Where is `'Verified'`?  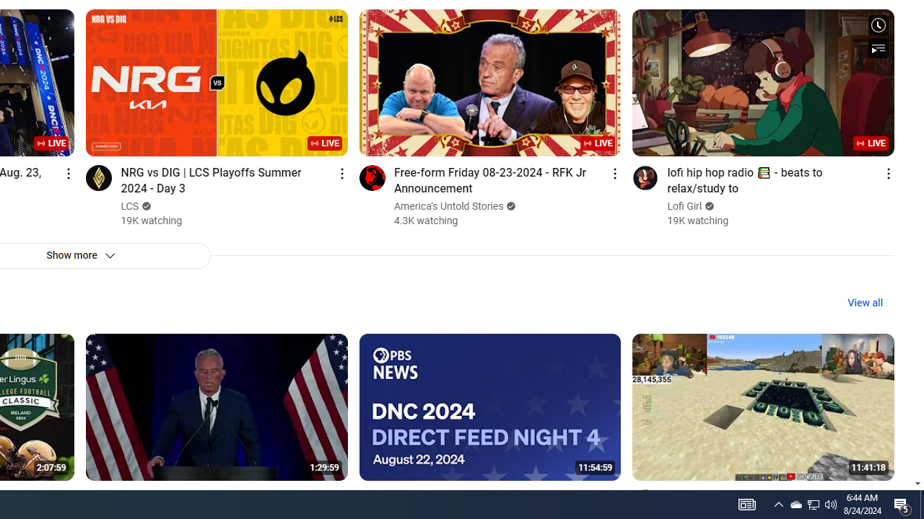
'Verified' is located at coordinates (708, 206).